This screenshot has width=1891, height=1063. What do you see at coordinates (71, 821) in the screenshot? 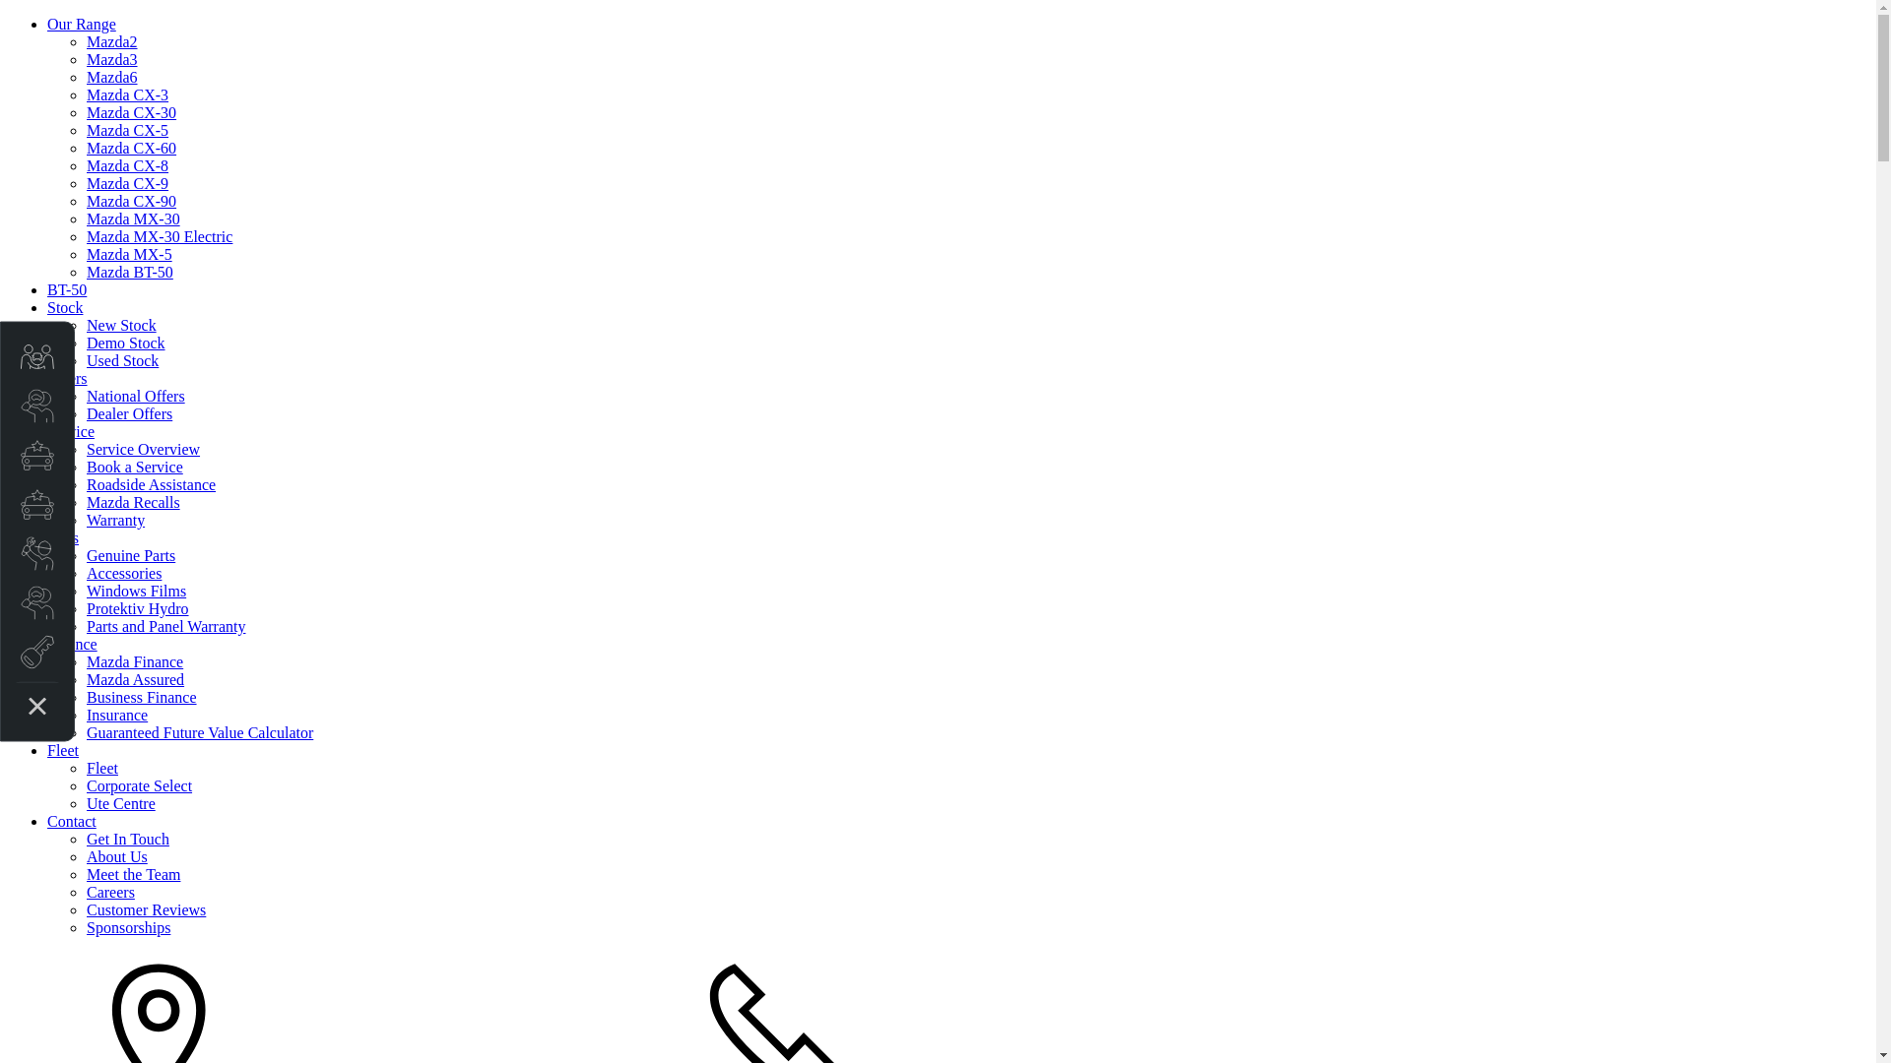
I see `'Contact'` at bounding box center [71, 821].